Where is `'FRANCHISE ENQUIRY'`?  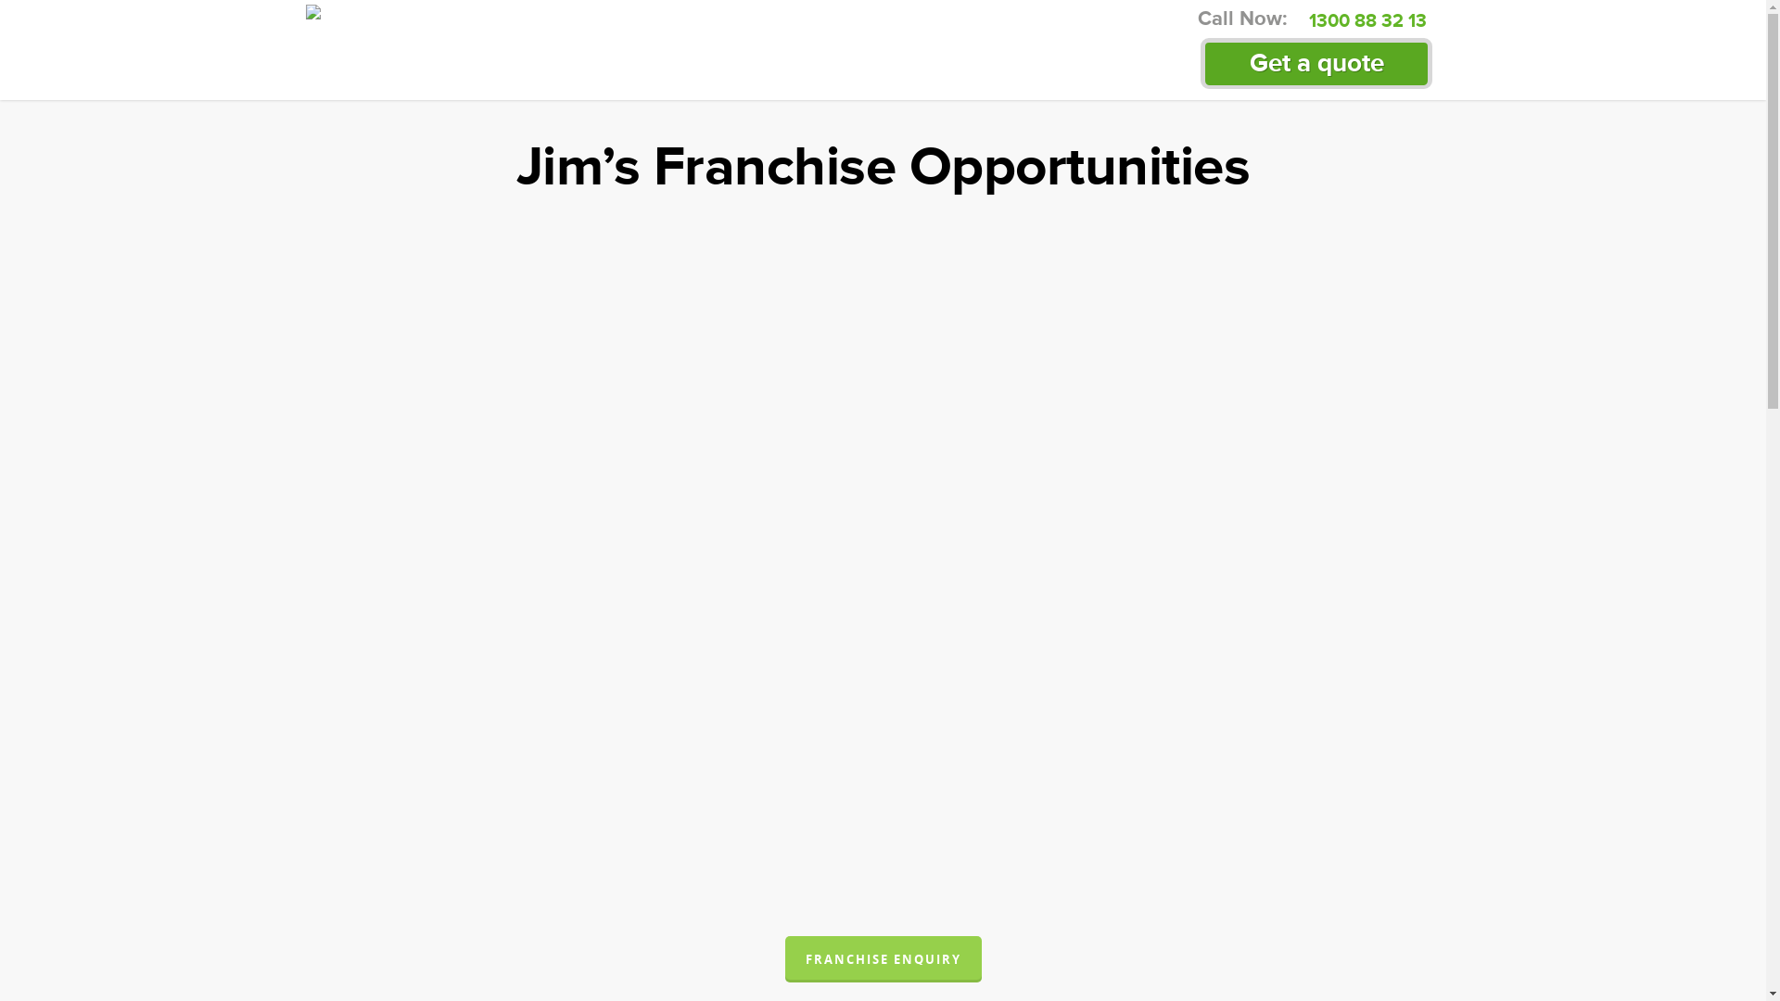 'FRANCHISE ENQUIRY' is located at coordinates (881, 958).